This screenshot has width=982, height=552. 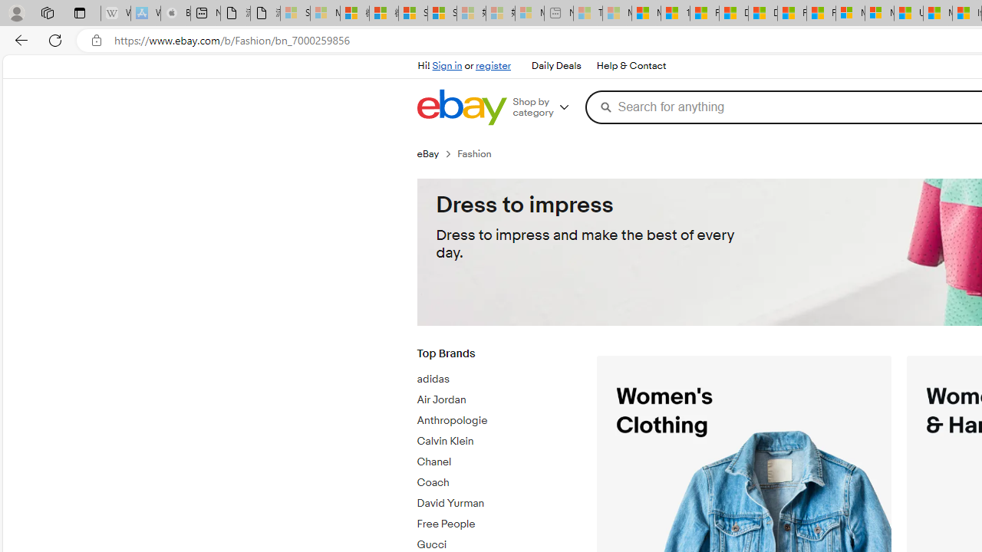 I want to click on 'Foo BAR | Trusted Community Engagement and Contributions', so click(x=820, y=13).